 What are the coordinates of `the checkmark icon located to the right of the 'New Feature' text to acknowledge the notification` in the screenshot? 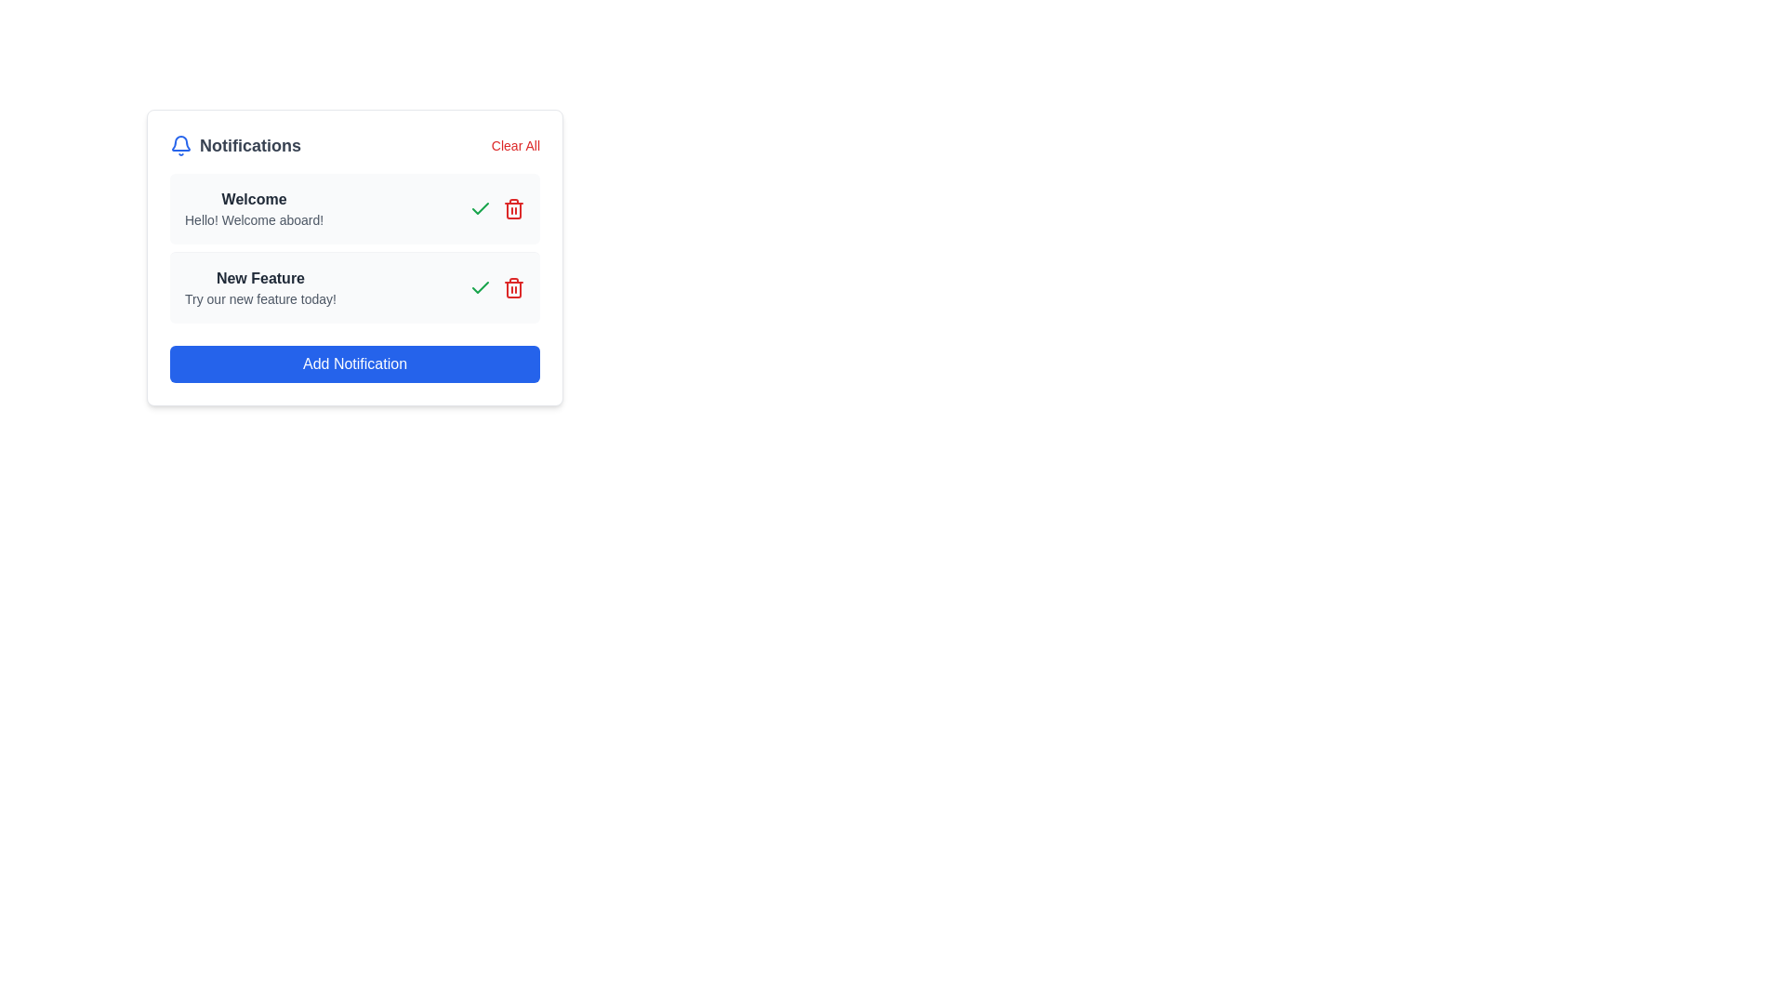 It's located at (481, 287).